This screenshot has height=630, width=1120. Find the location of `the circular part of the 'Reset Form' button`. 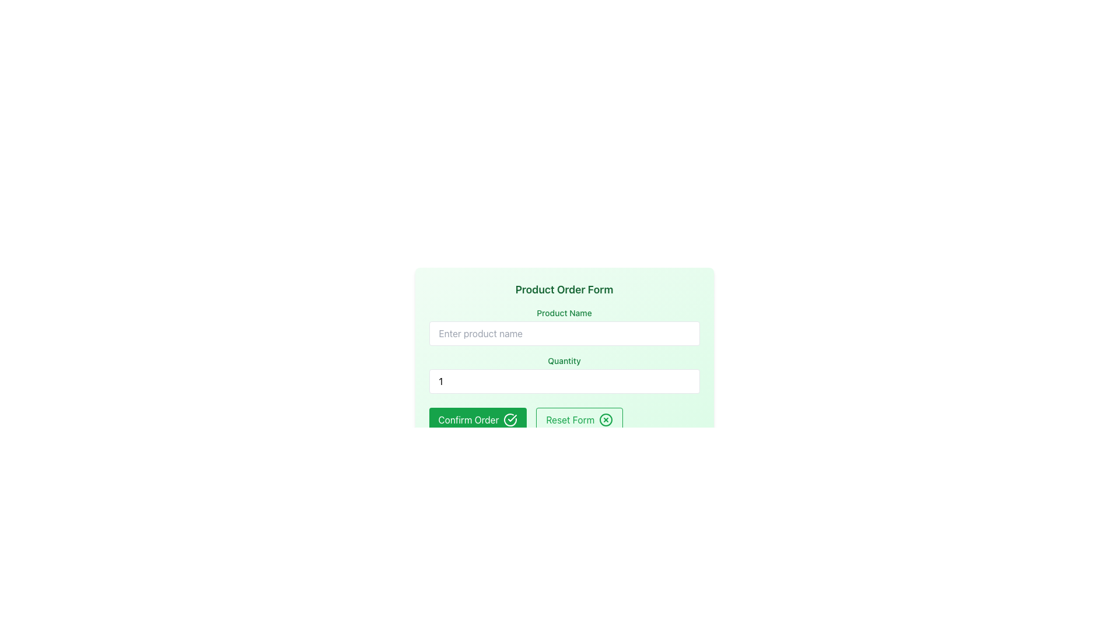

the circular part of the 'Reset Form' button is located at coordinates (605, 420).